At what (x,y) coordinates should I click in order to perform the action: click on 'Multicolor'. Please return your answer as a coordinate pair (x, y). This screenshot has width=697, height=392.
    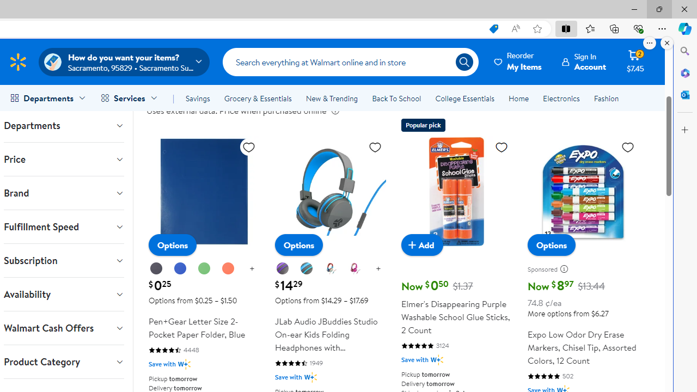
    Looking at the image, I should click on (330, 269).